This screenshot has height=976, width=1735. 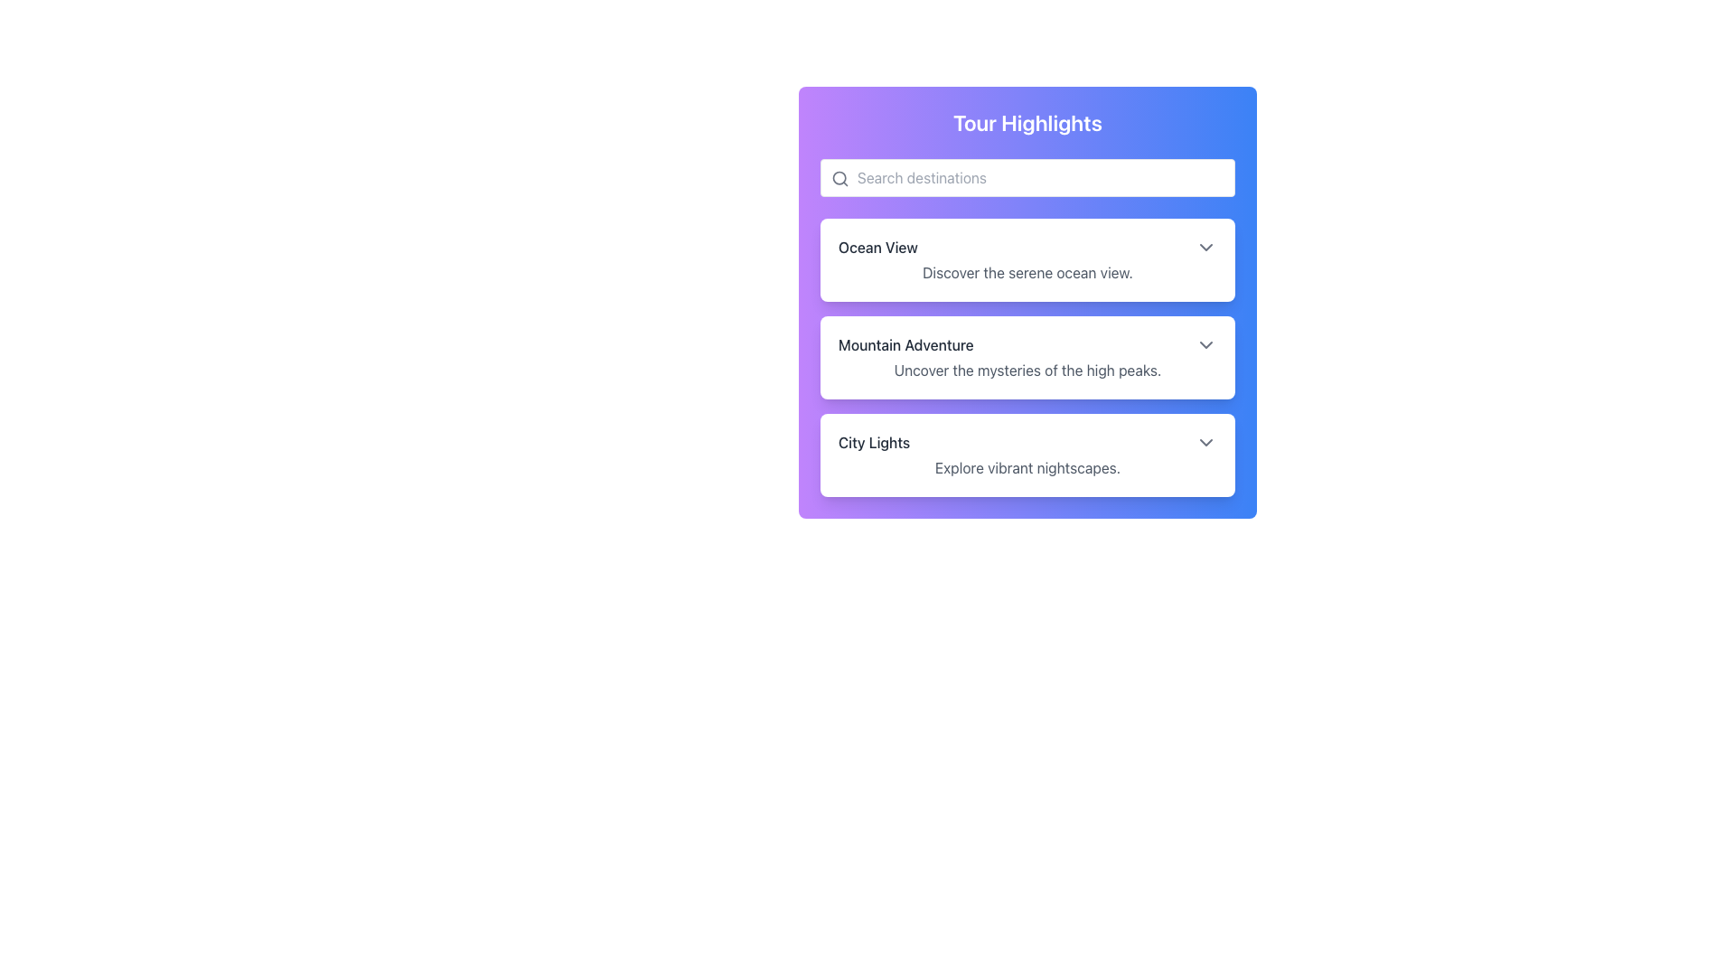 I want to click on the circular graphical component that represents the lens of the magnifying glass icon, located at the top-left of the search bar, so click(x=839, y=178).